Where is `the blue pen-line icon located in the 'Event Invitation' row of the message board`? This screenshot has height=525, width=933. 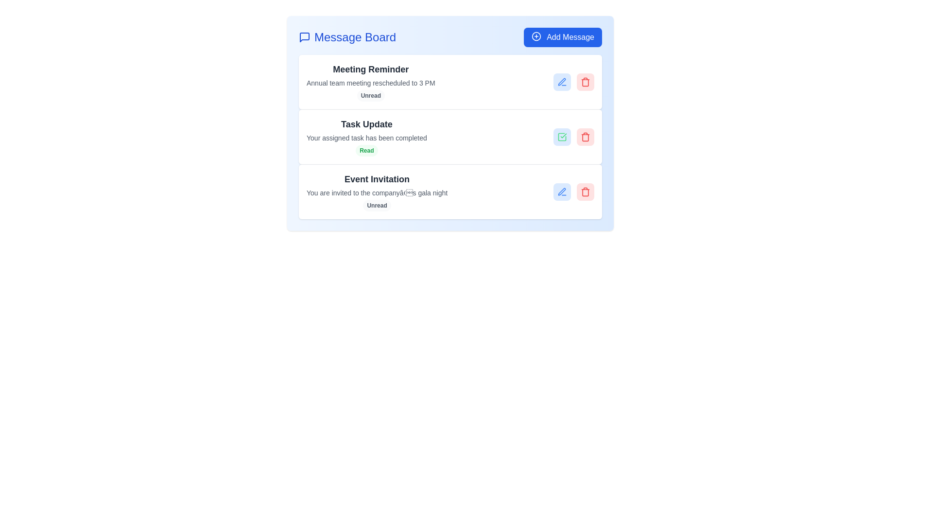
the blue pen-line icon located in the 'Event Invitation' row of the message board is located at coordinates (562, 81).